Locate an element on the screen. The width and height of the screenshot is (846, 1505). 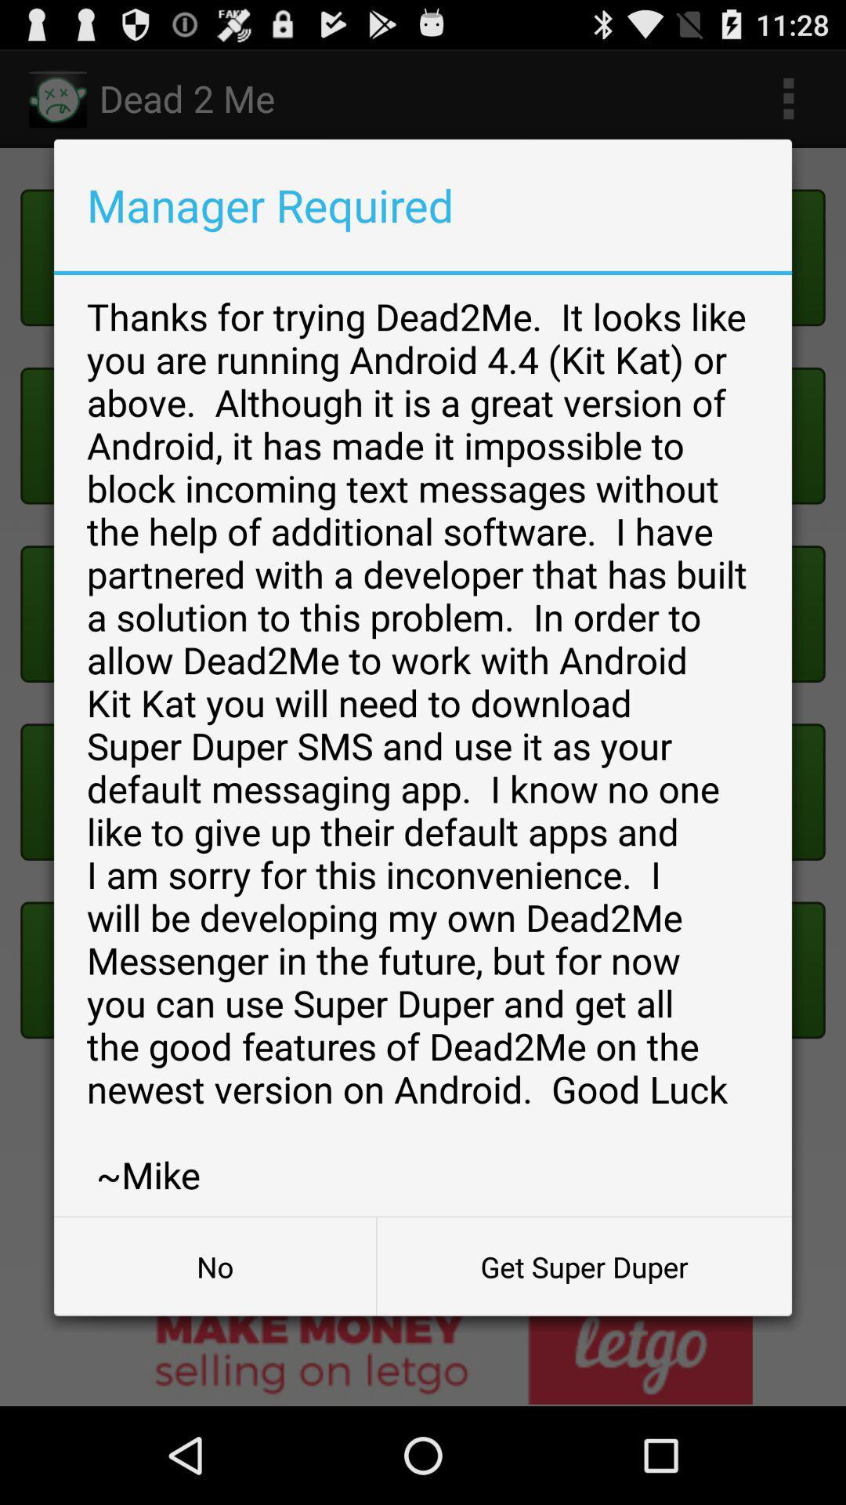
icon at the bottom right corner is located at coordinates (584, 1267).